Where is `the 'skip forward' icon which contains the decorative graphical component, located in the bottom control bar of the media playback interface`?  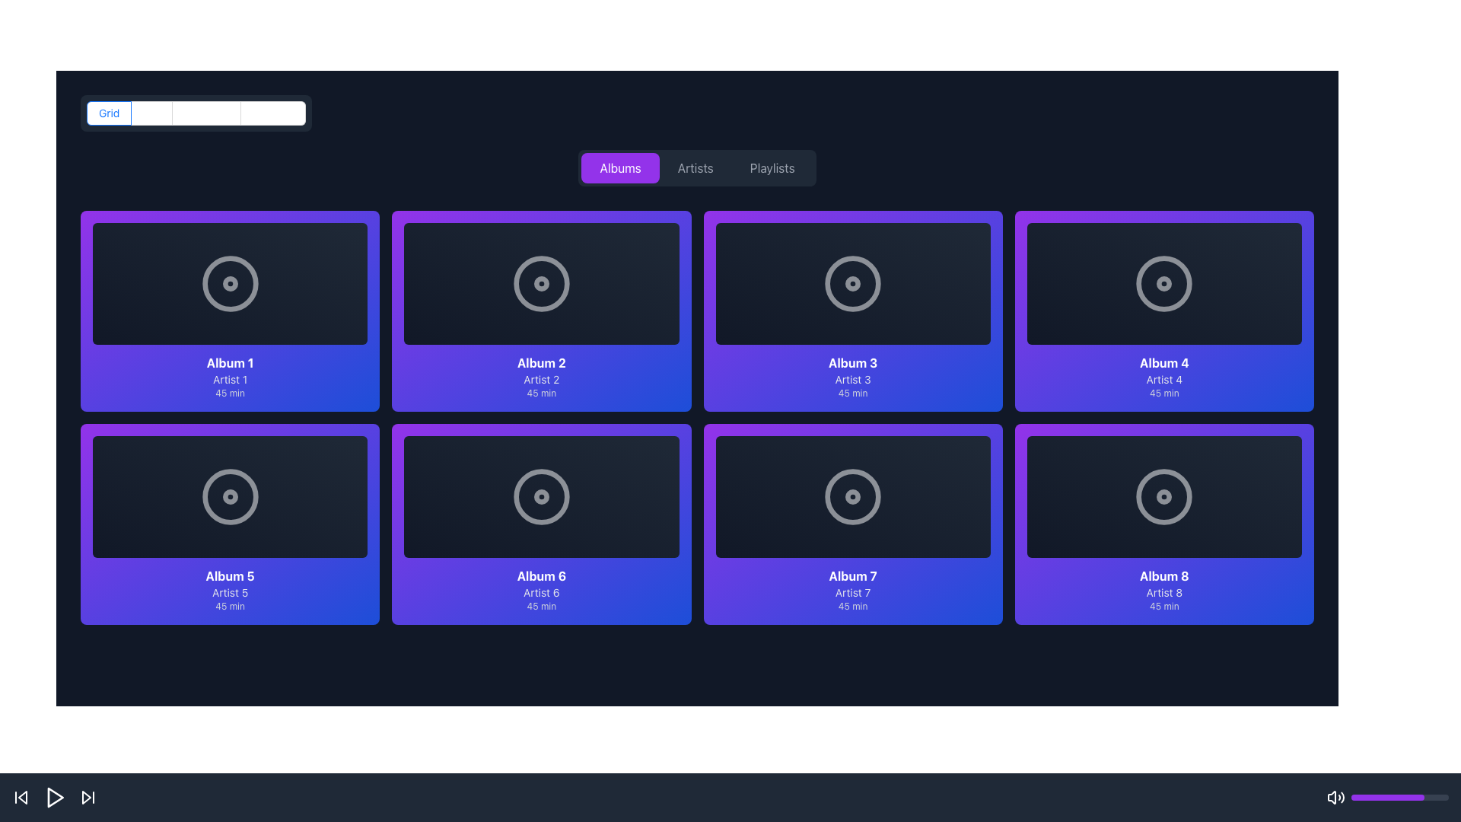
the 'skip forward' icon which contains the decorative graphical component, located in the bottom control bar of the media playback interface is located at coordinates (86, 797).